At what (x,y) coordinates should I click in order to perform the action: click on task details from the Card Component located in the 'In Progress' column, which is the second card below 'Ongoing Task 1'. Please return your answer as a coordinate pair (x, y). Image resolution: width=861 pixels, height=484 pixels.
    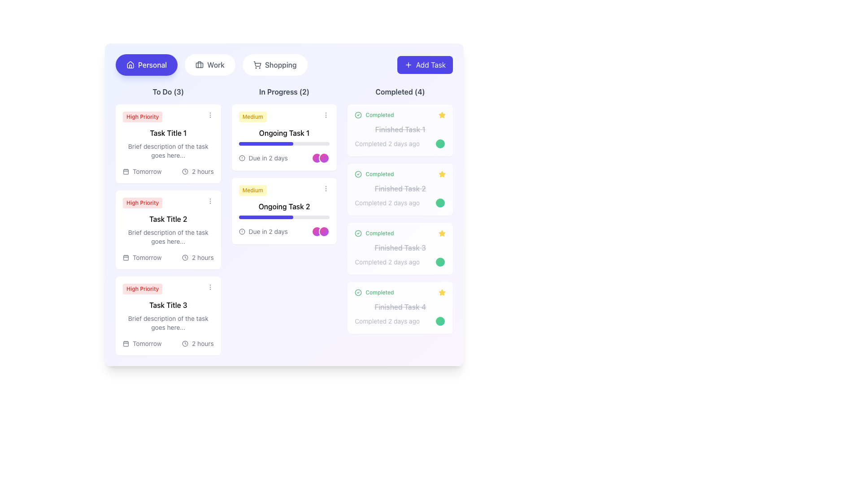
    Looking at the image, I should click on (283, 211).